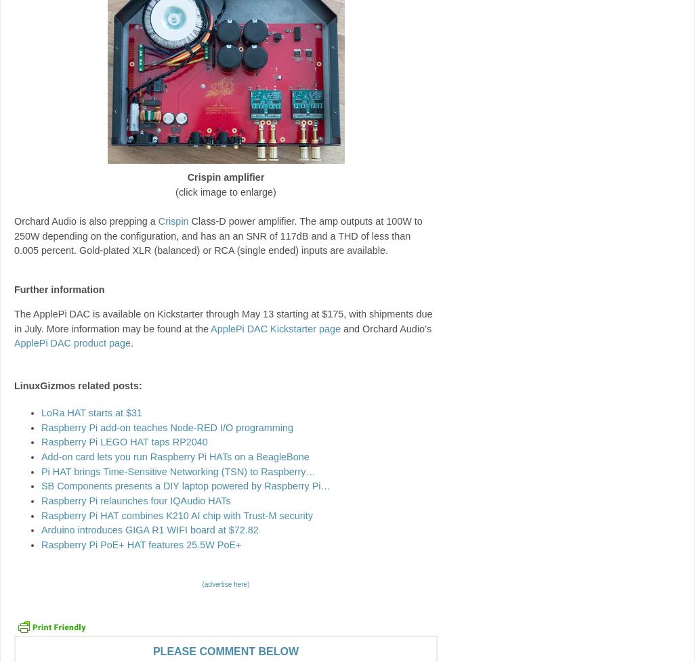 This screenshot has height=662, width=695. Describe the element at coordinates (141, 544) in the screenshot. I see `'Raspberry Pi PoE+ HAT features 25.5W PoE+'` at that location.